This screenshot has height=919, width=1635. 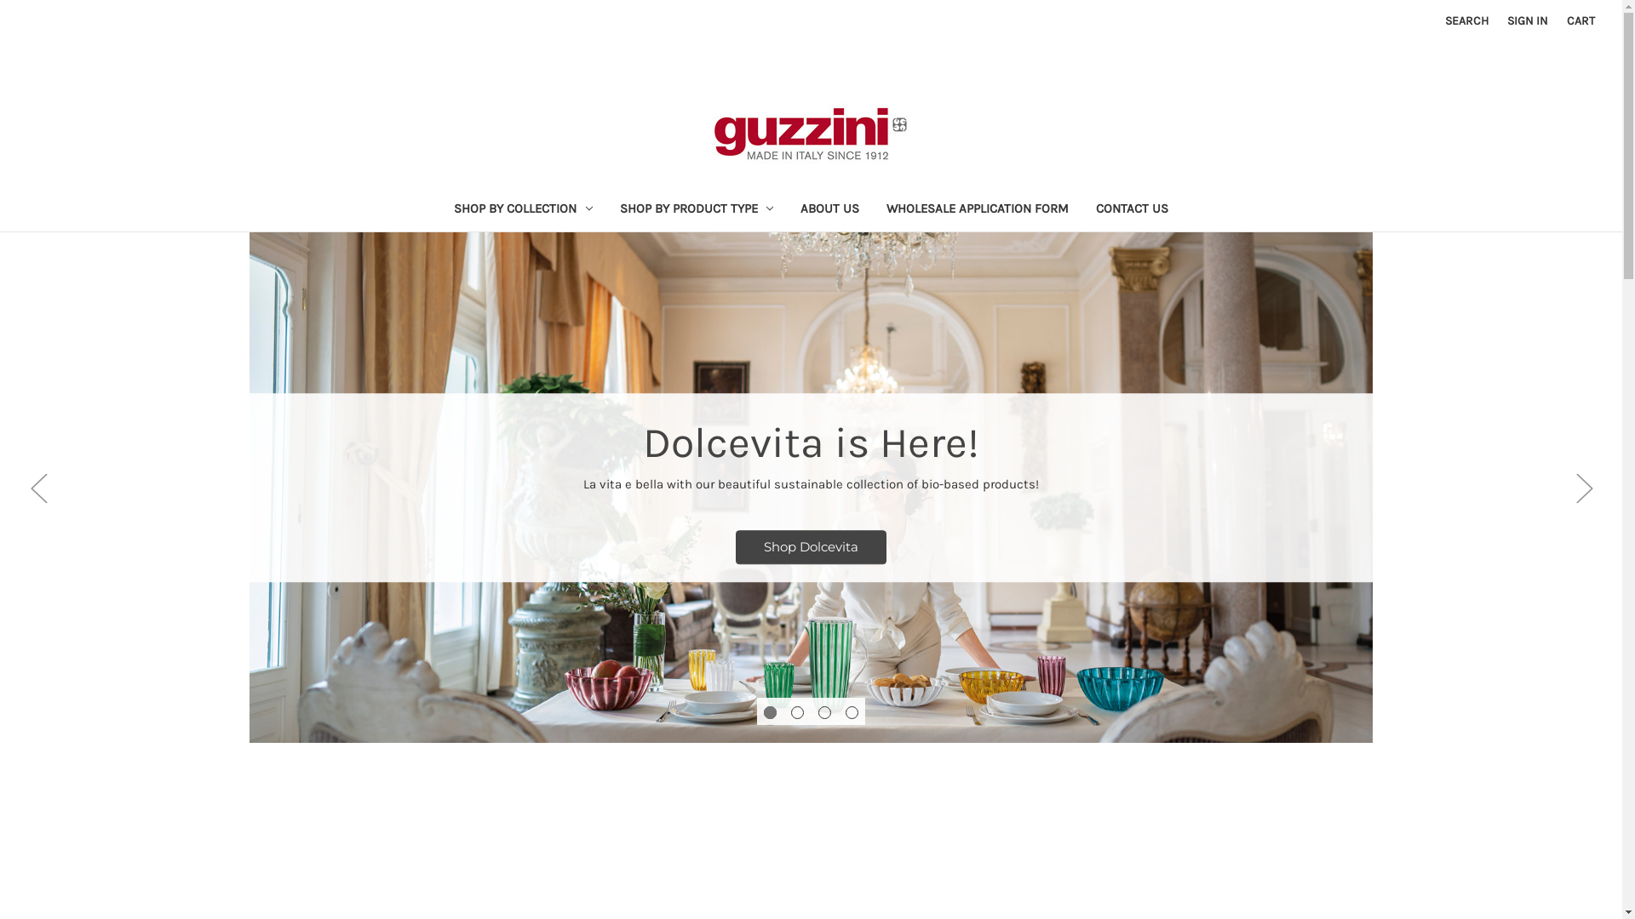 I want to click on 'CONTACT US', so click(x=1132, y=209).